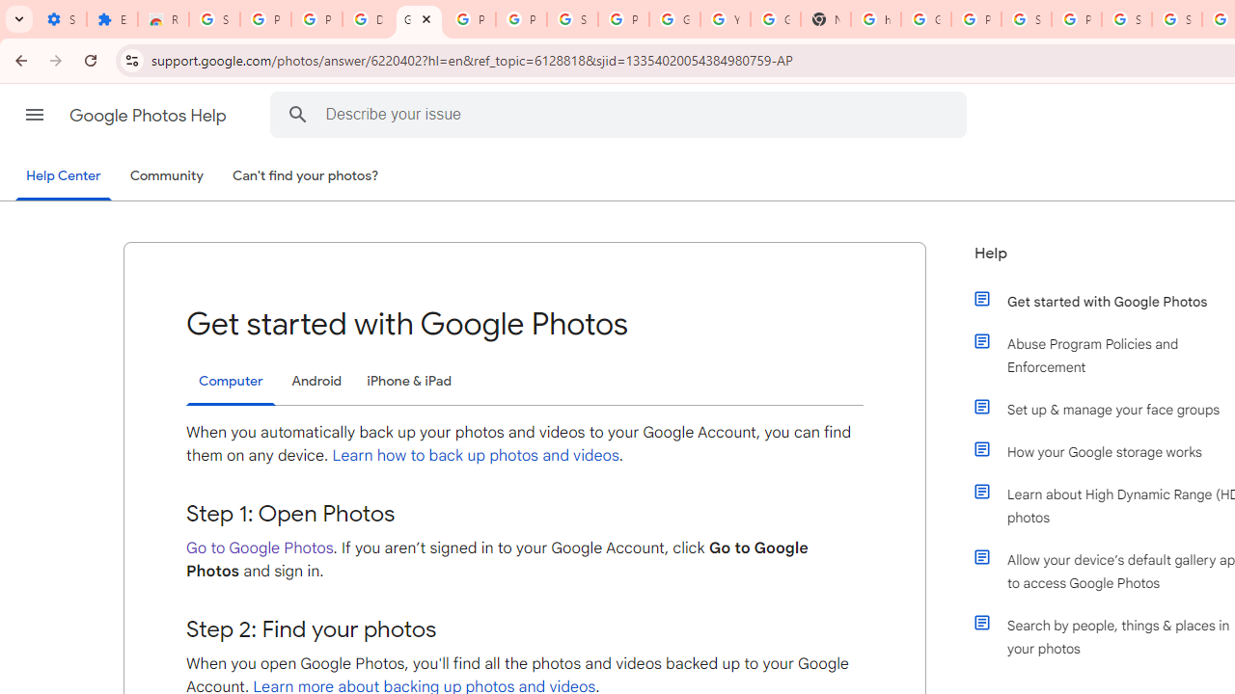  What do you see at coordinates (149, 115) in the screenshot?
I see `'Google Photos Help'` at bounding box center [149, 115].